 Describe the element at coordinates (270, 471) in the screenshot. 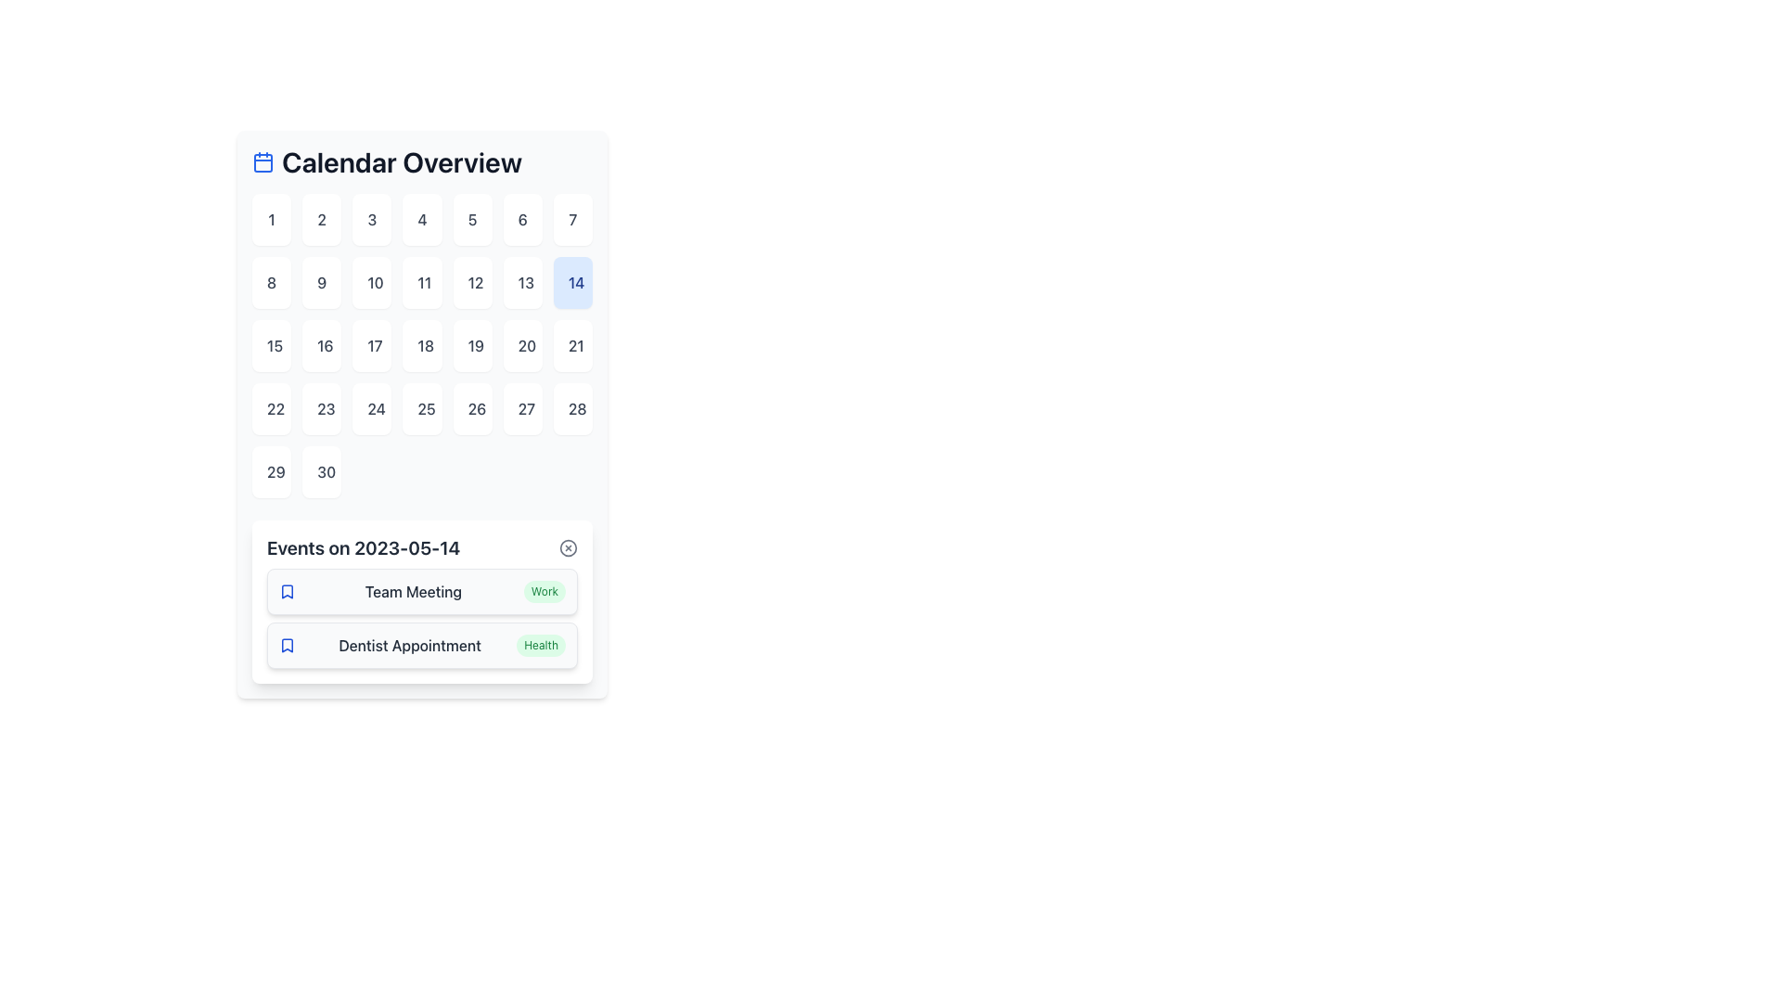

I see `the interactive button for selecting the date '29'` at that location.